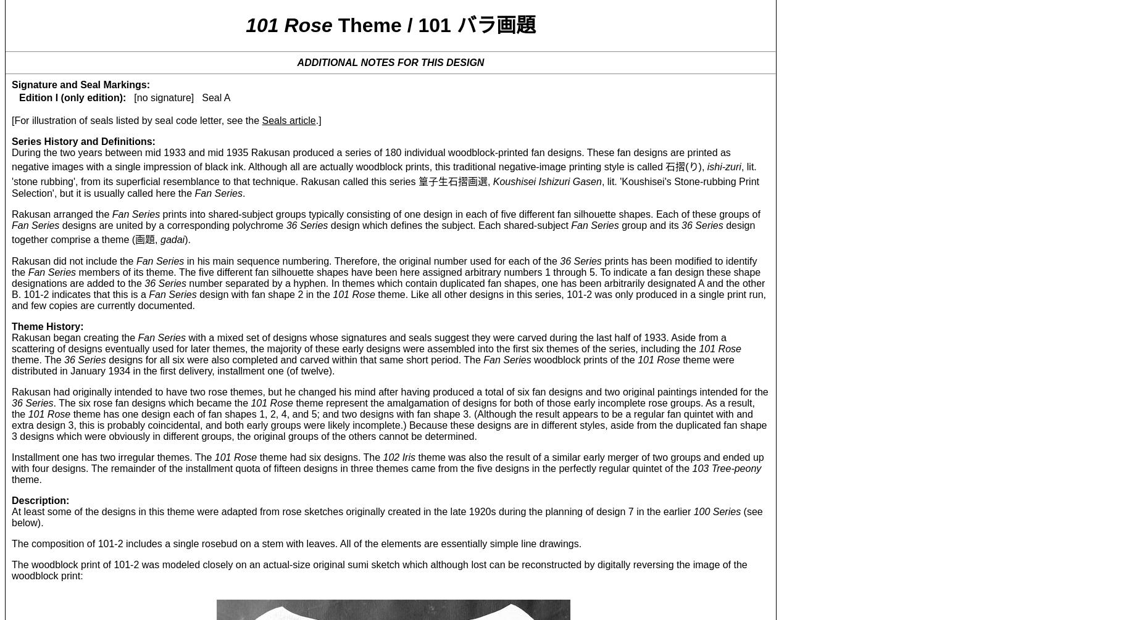 The image size is (1142, 620). What do you see at coordinates (72, 97) in the screenshot?
I see `'Edition I (only edition):'` at bounding box center [72, 97].